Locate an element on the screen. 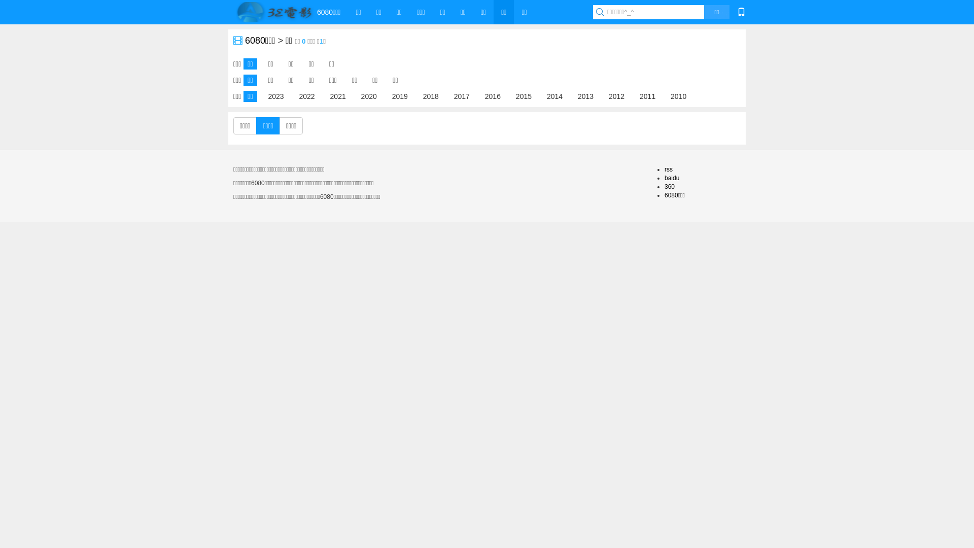  '2016' is located at coordinates (493, 96).